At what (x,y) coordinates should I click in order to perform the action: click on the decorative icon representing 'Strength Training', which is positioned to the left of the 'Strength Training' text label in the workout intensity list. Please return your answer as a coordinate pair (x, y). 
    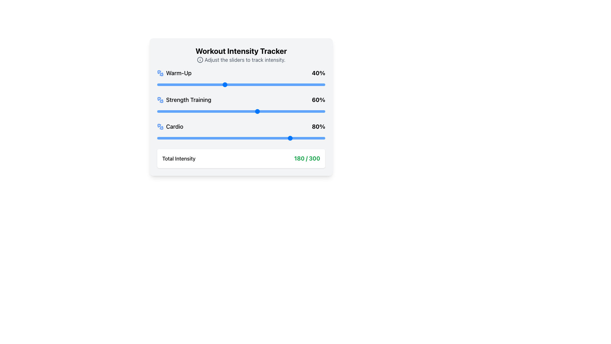
    Looking at the image, I should click on (161, 101).